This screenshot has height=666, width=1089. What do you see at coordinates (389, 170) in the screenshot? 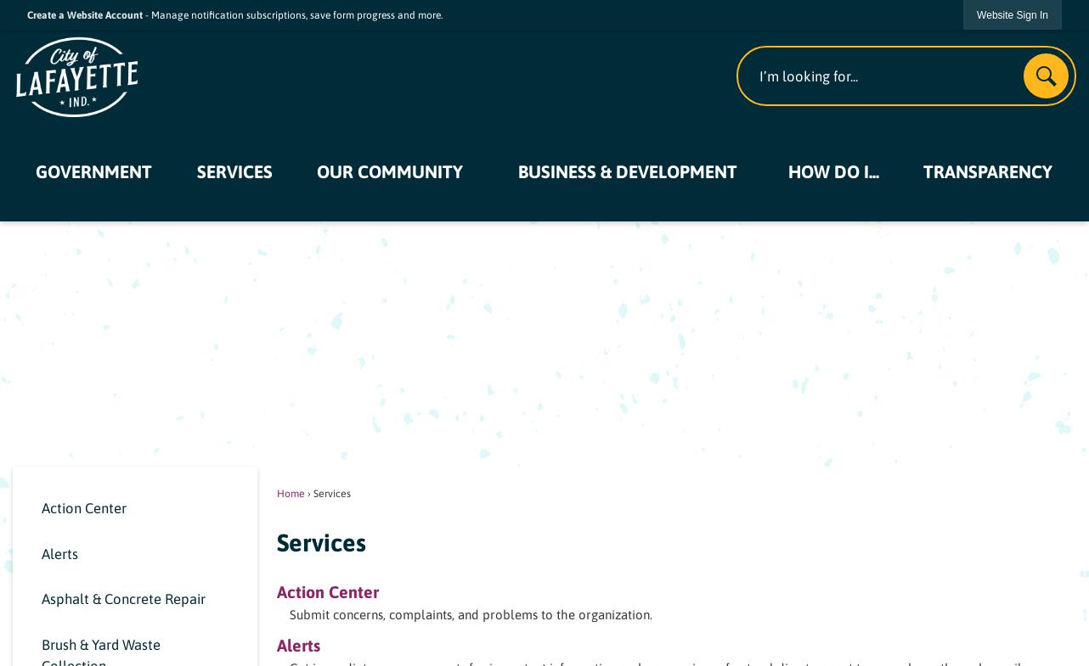
I see `'Our Community'` at bounding box center [389, 170].